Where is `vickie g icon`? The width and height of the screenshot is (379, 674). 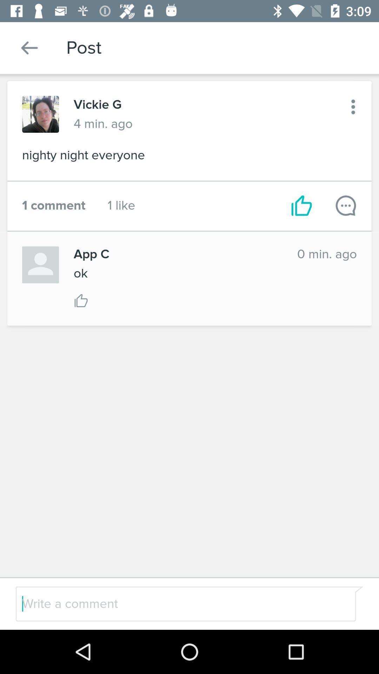 vickie g icon is located at coordinates (98, 104).